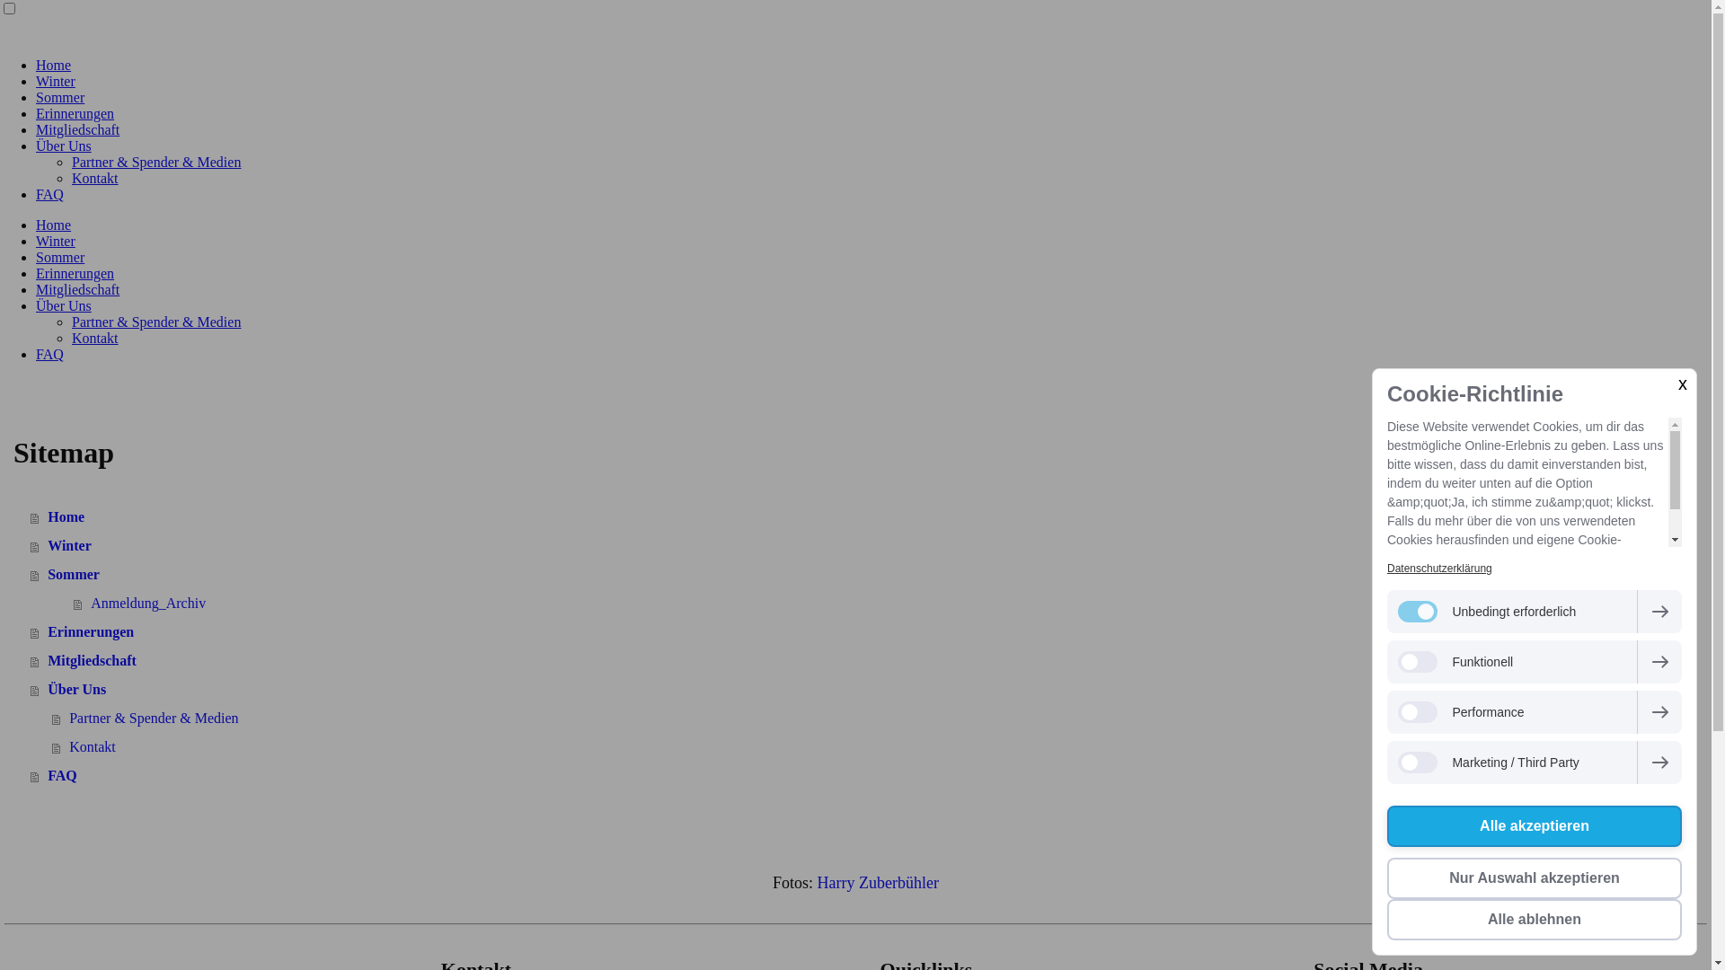 This screenshot has height=970, width=1725. What do you see at coordinates (1534, 877) in the screenshot?
I see `'Nur Auswahl akzeptieren'` at bounding box center [1534, 877].